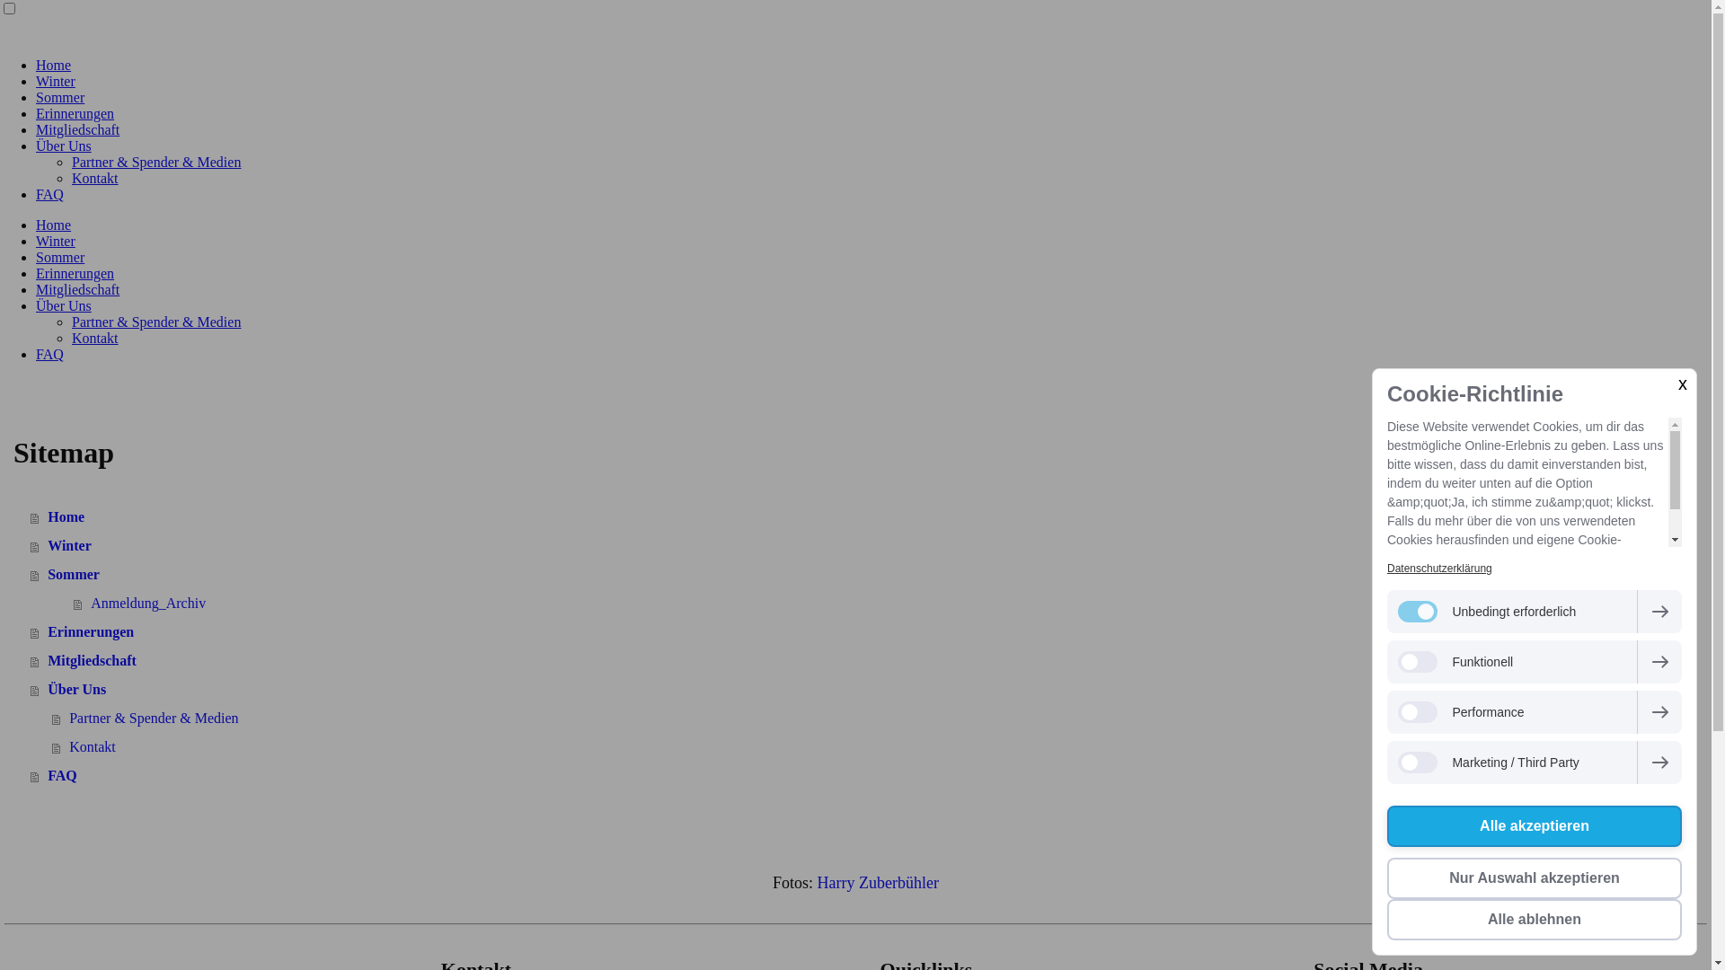 This screenshot has height=970, width=1725. What do you see at coordinates (1534, 877) in the screenshot?
I see `'Nur Auswahl akzeptieren'` at bounding box center [1534, 877].